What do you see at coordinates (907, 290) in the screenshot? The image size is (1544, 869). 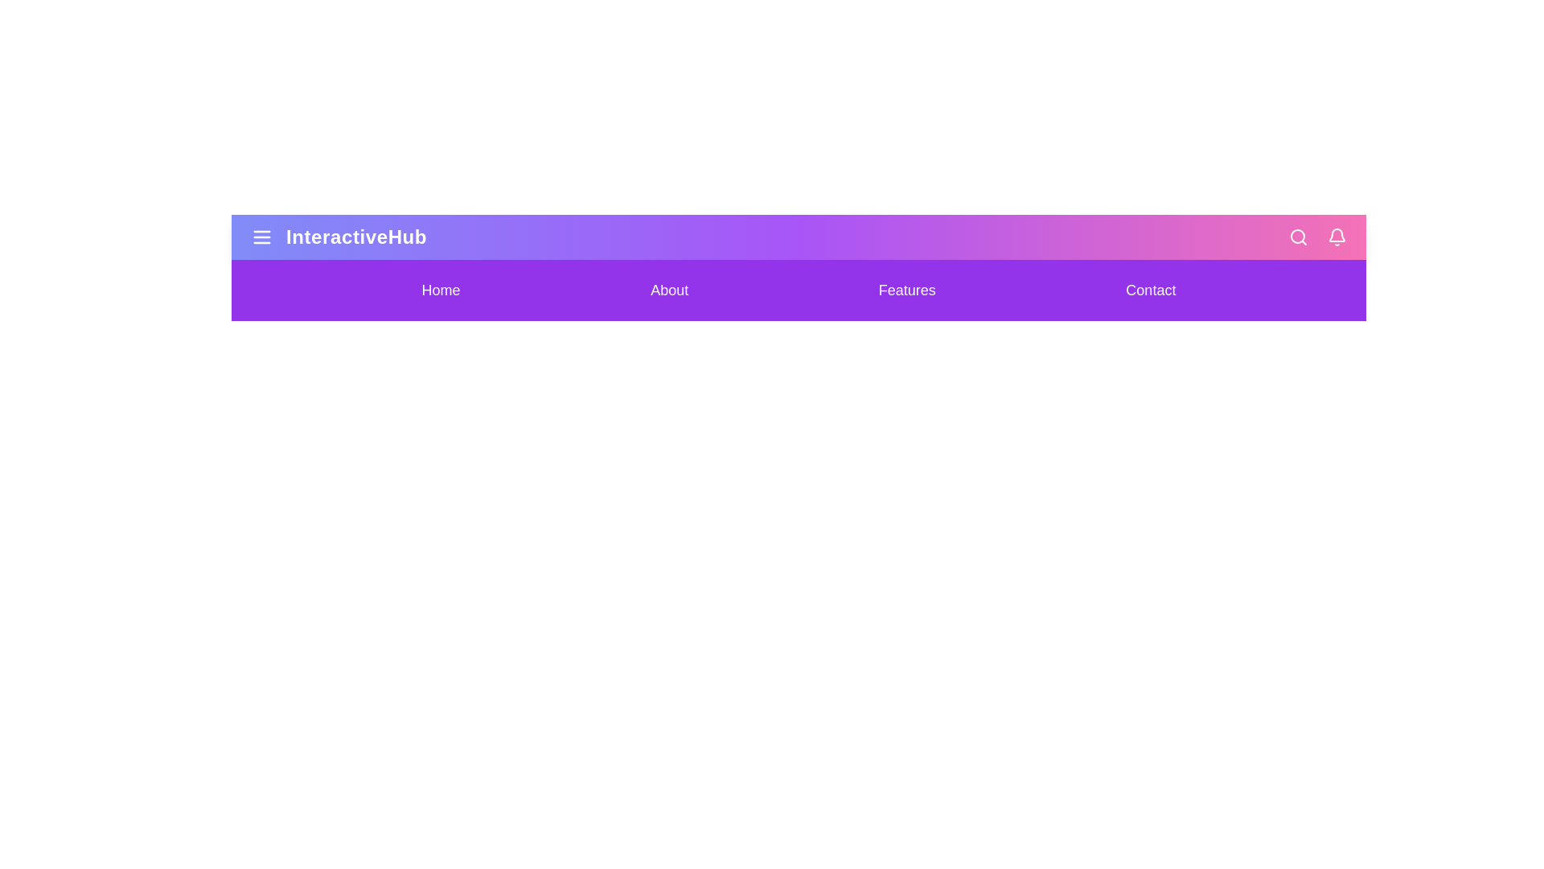 I see `the navigation menu item Features` at bounding box center [907, 290].